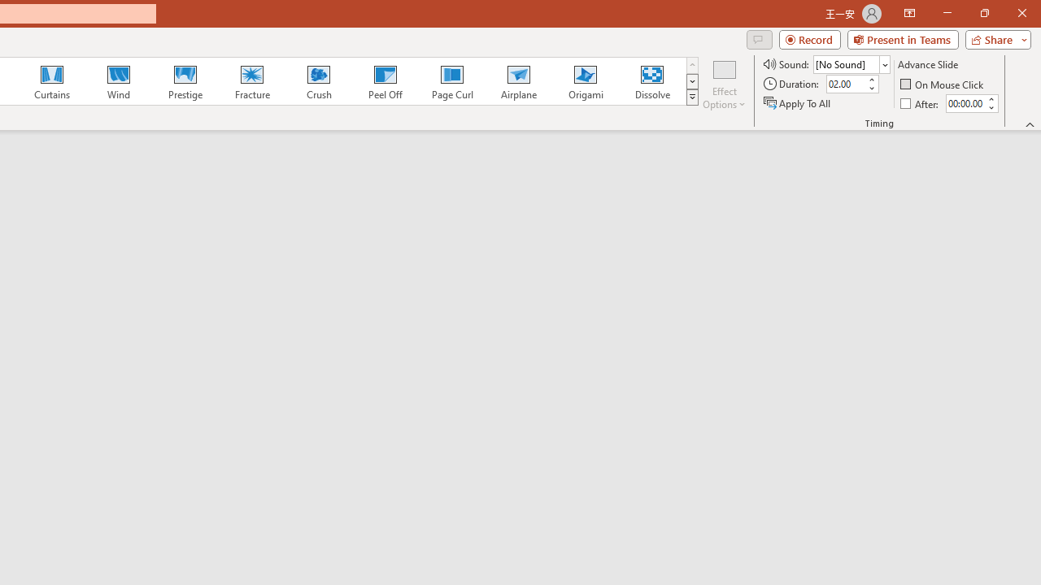  Describe the element at coordinates (117, 81) in the screenshot. I see `'Wind'` at that location.